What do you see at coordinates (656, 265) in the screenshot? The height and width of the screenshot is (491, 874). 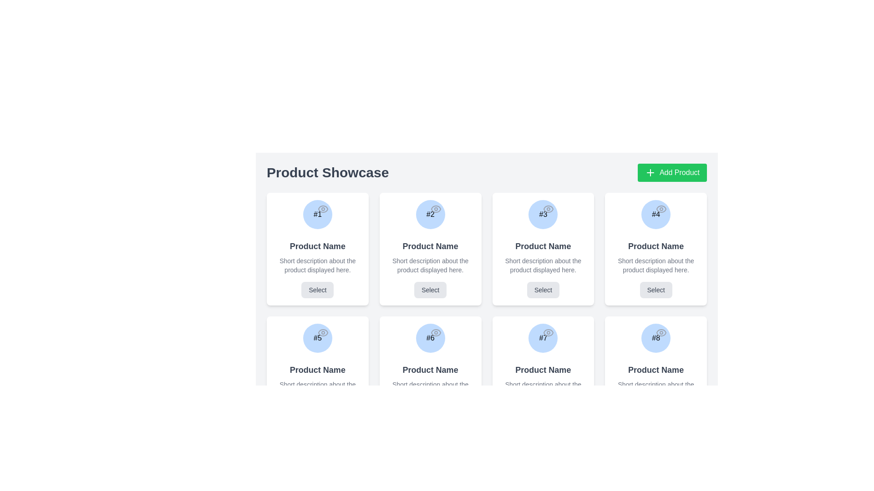 I see `the text label that describes the product details, located in the fourth product card, below the 'Product Name' and above the 'Select' button` at bounding box center [656, 265].